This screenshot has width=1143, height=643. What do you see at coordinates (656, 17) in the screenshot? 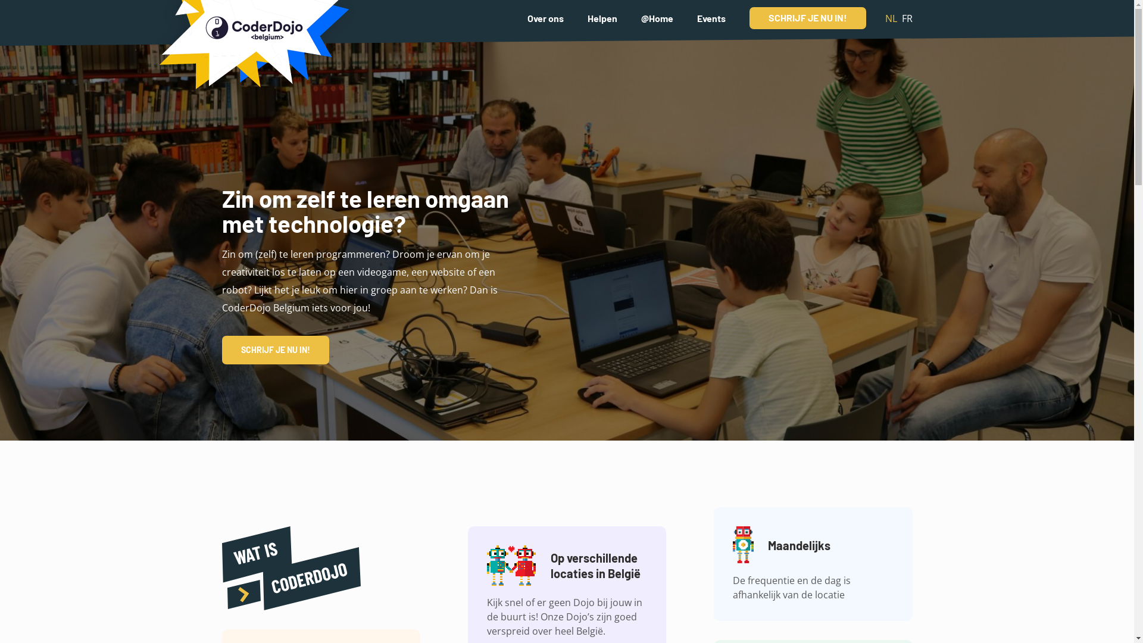
I see `'@Home'` at bounding box center [656, 17].